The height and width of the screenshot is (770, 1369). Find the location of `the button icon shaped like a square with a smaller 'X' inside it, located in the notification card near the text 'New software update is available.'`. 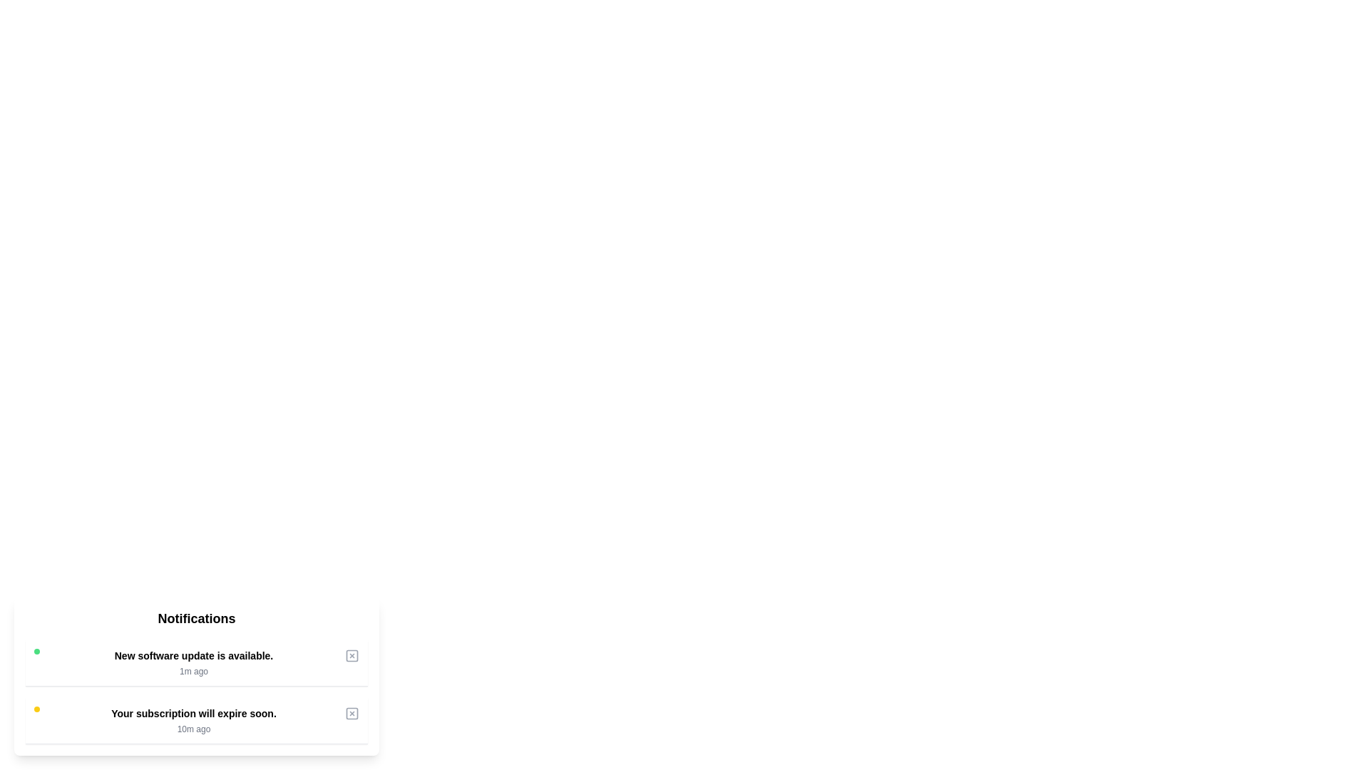

the button icon shaped like a square with a smaller 'X' inside it, located in the notification card near the text 'New software update is available.' is located at coordinates (352, 656).